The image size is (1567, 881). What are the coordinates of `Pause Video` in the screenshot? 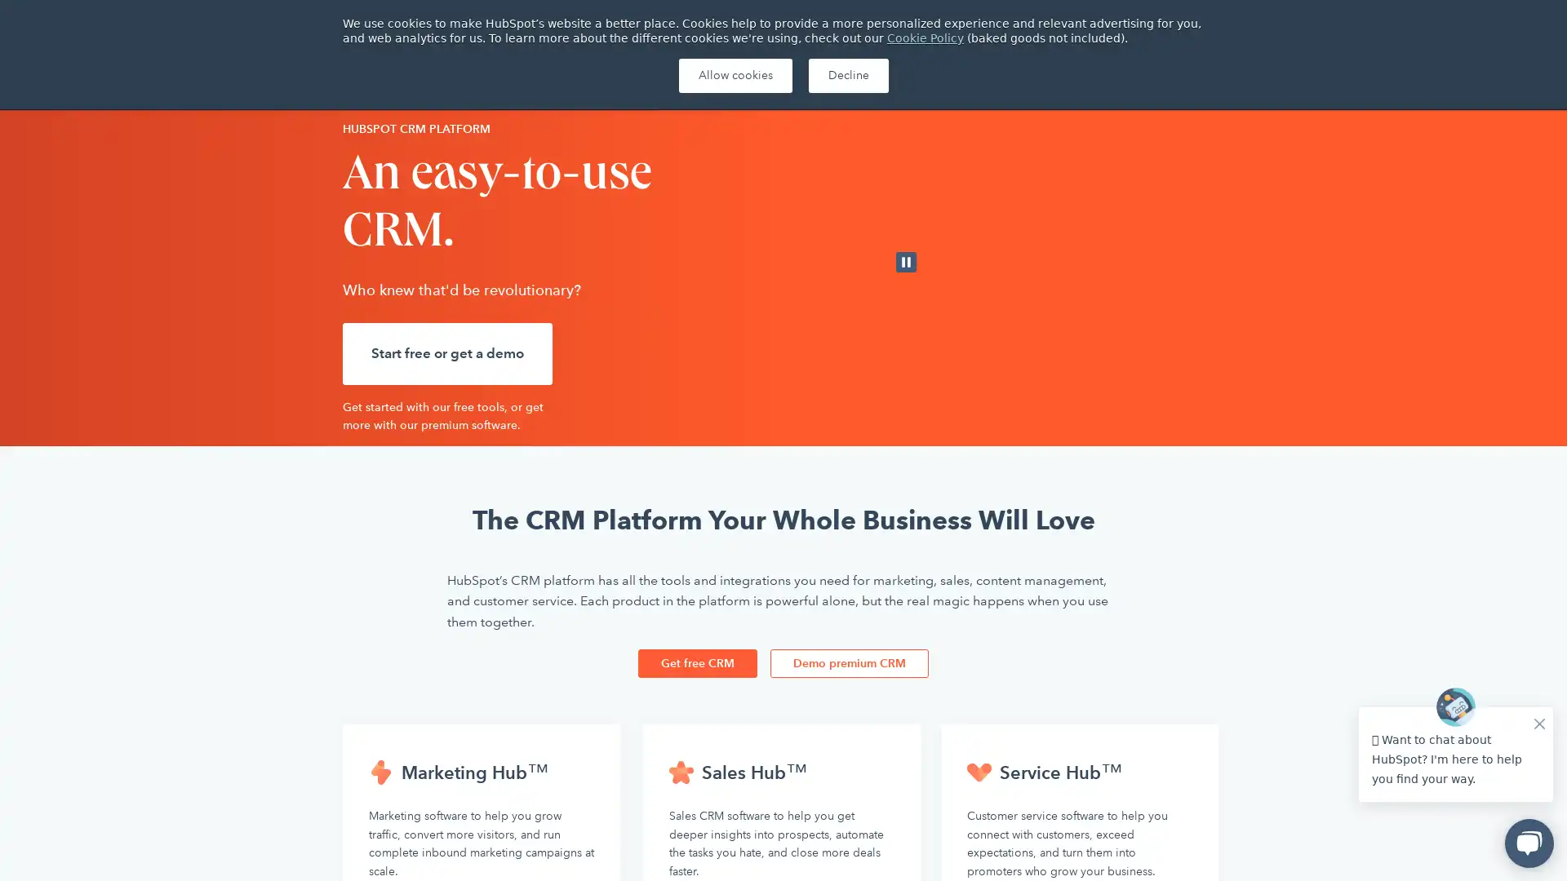 It's located at (905, 261).